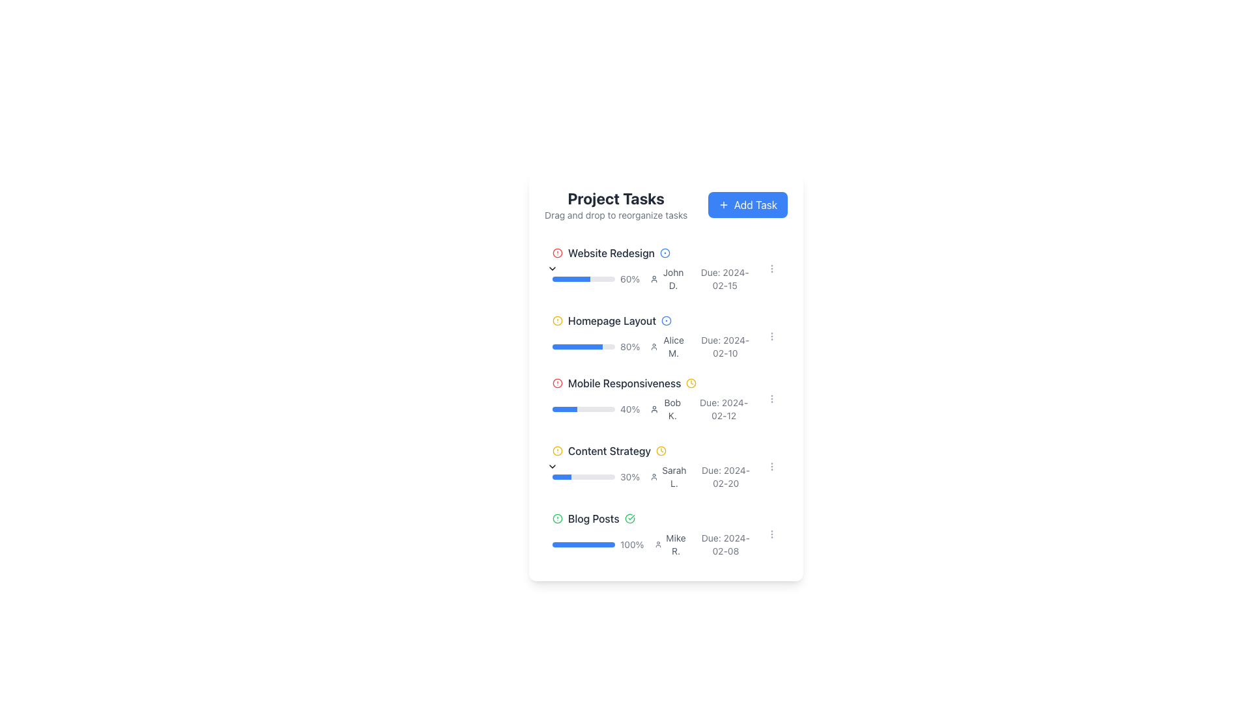 The height and width of the screenshot is (703, 1251). Describe the element at coordinates (661, 450) in the screenshot. I see `the clock icon representing the due date for the task, located to the immediate right of the text 'Content Strategy' in the fourth item of the task list` at that location.